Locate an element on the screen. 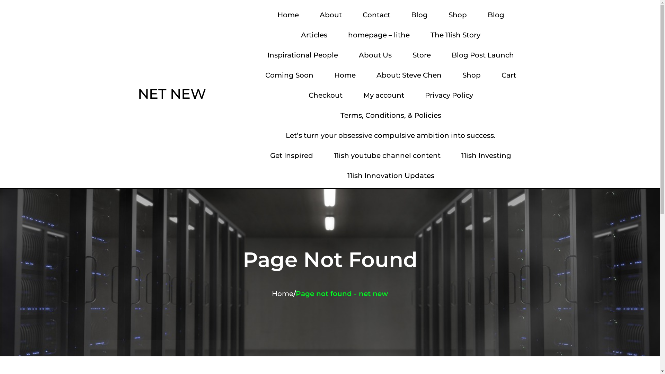  'Inspirational People' is located at coordinates (302, 54).